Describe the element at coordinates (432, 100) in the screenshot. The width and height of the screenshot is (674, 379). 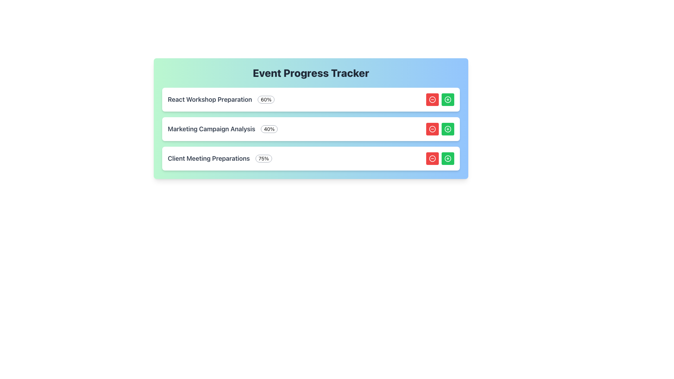
I see `the red circular icon with a minus sign, which is part of a control panel in the top row of task management entries` at that location.